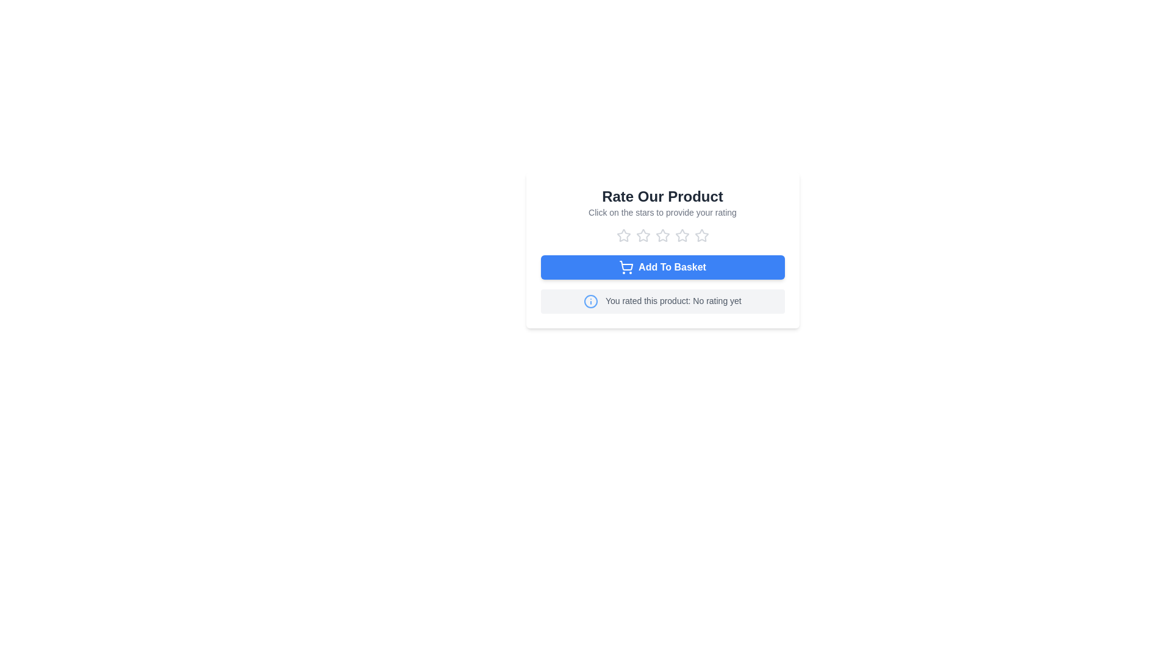 Image resolution: width=1171 pixels, height=658 pixels. I want to click on the icon located to the left of the text message 'You rated this product: No rating yet' in the bottom section of the rating panel, so click(591, 301).